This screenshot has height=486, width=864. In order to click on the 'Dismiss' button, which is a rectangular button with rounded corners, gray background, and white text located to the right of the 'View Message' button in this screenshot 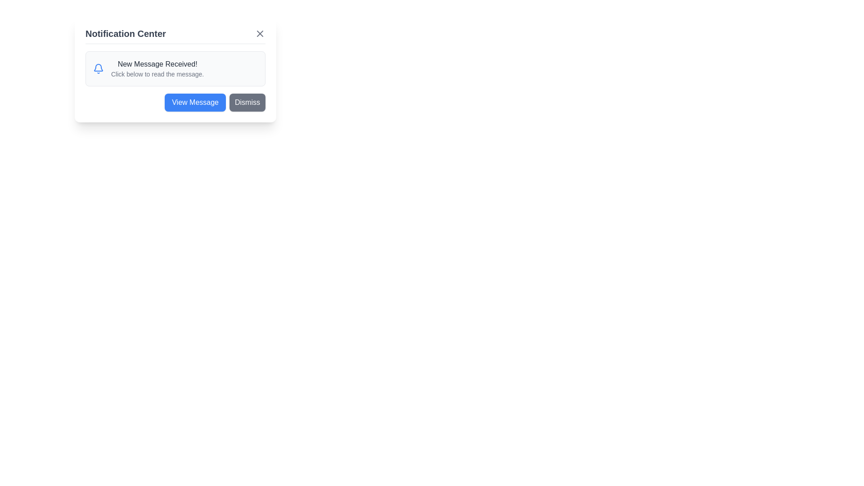, I will do `click(247, 102)`.